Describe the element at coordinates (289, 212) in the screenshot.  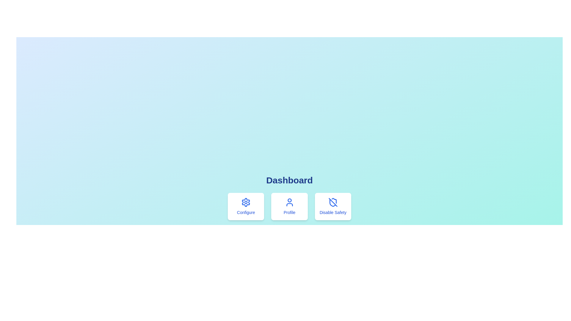
I see `the static text label element displaying 'Profile' with a blue font color, located below the user icon within the second card of the dashboard` at that location.